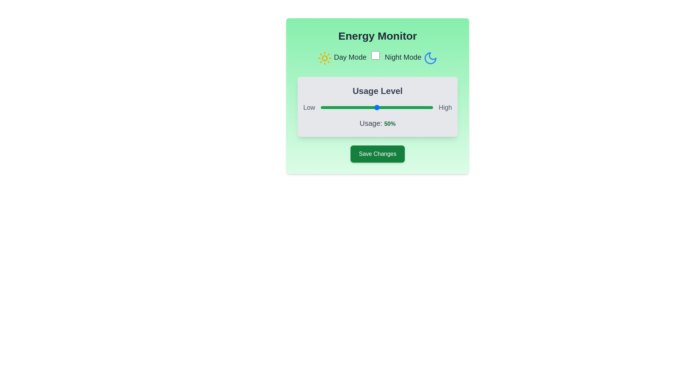  Describe the element at coordinates (406, 107) in the screenshot. I see `the slider` at that location.